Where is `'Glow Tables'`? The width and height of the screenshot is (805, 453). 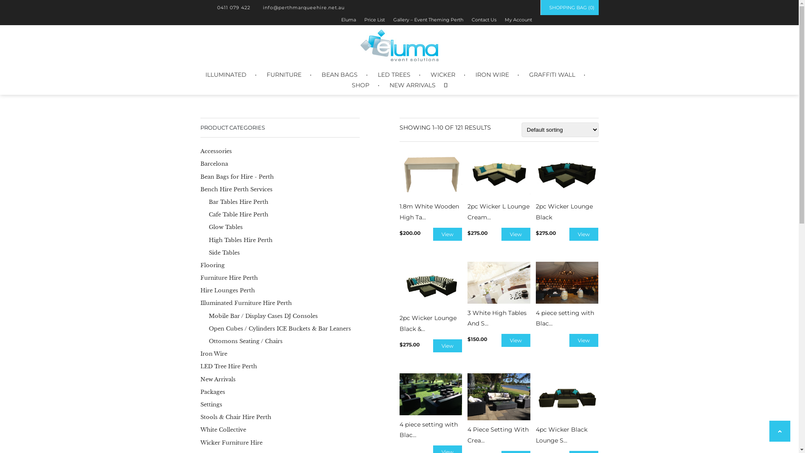 'Glow Tables' is located at coordinates (226, 227).